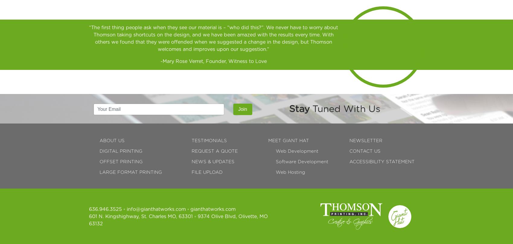 The image size is (513, 244). What do you see at coordinates (105, 209) in the screenshot?
I see `'636.946.3525'` at bounding box center [105, 209].